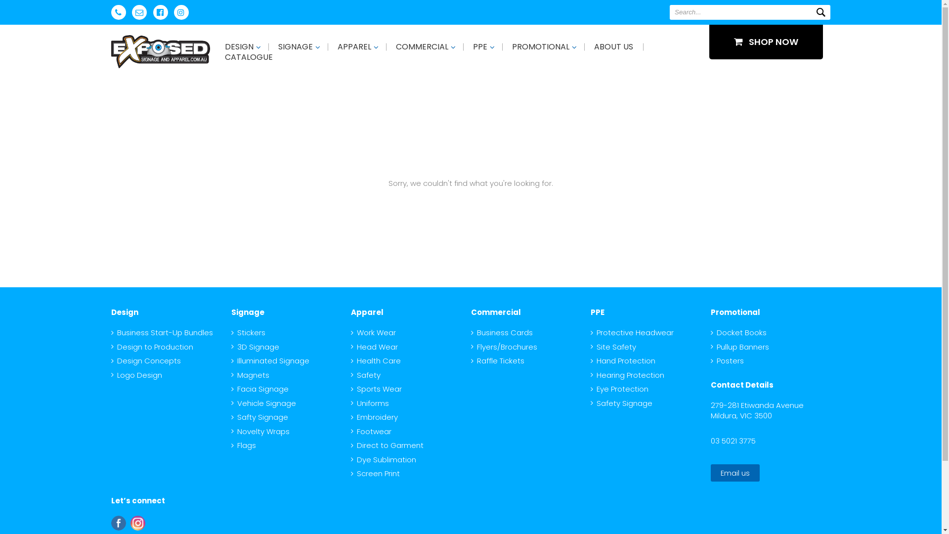 Image resolution: width=949 pixels, height=534 pixels. Describe the element at coordinates (613, 46) in the screenshot. I see `'ABOUT US'` at that location.